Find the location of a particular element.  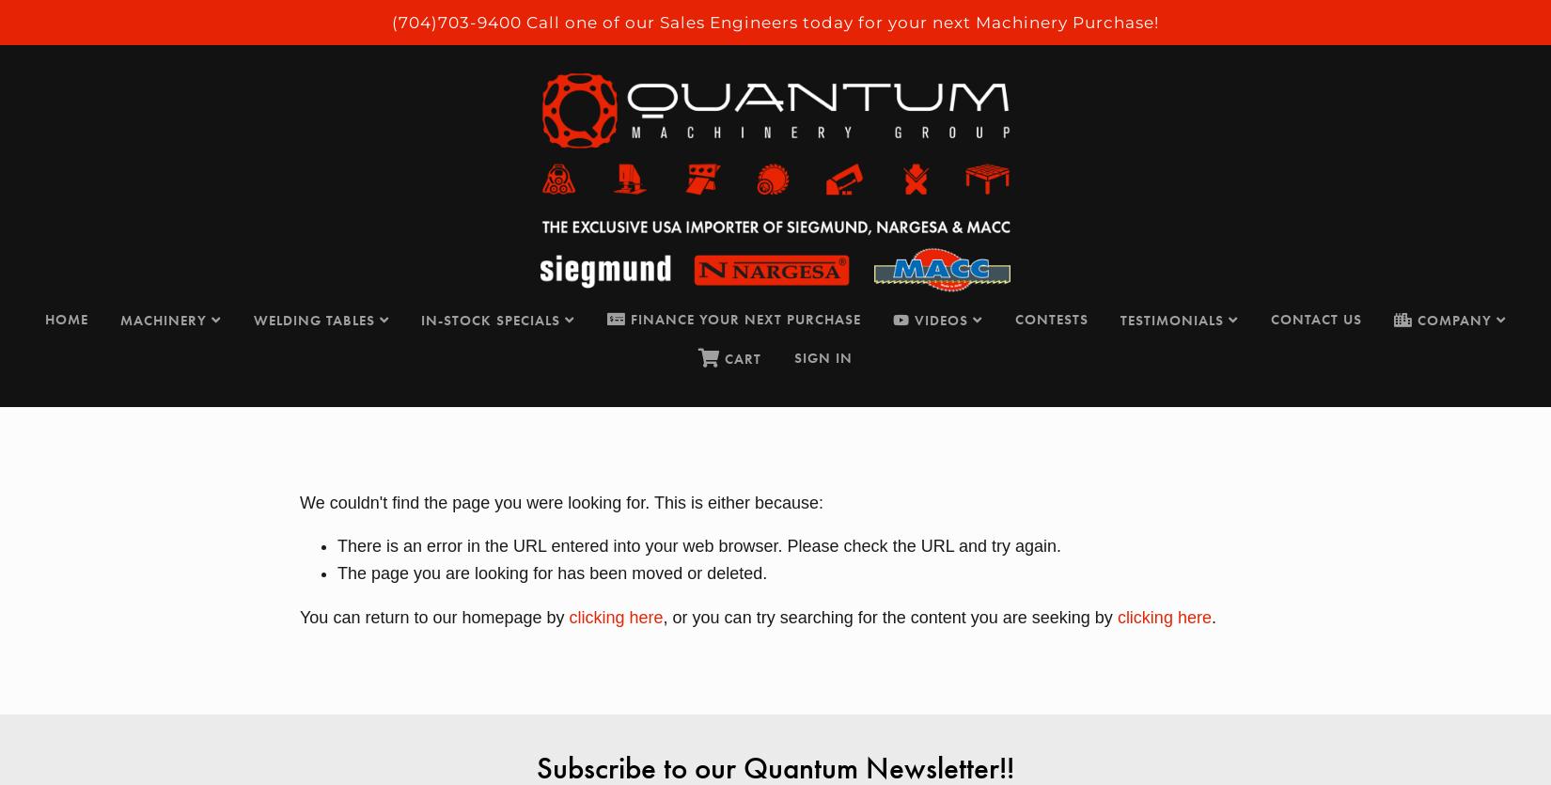

'We couldn't find the page you were looking for. This is either because:' is located at coordinates (560, 501).